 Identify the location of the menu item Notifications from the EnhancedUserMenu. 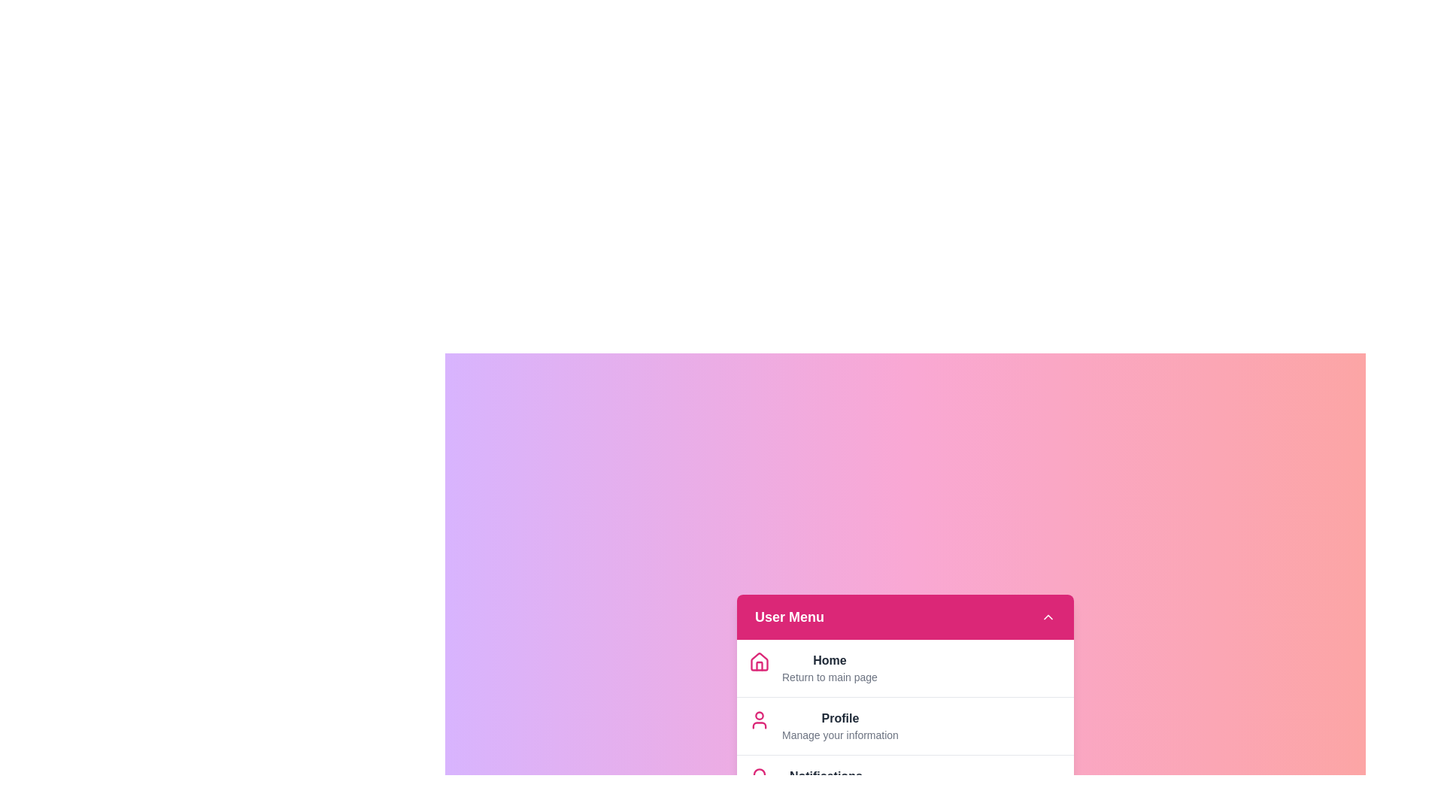
(825, 776).